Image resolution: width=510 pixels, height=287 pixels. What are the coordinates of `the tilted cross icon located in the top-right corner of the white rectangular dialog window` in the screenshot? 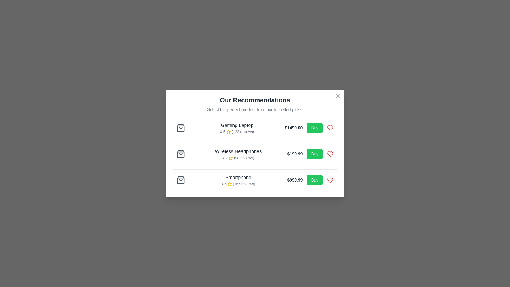 It's located at (338, 96).